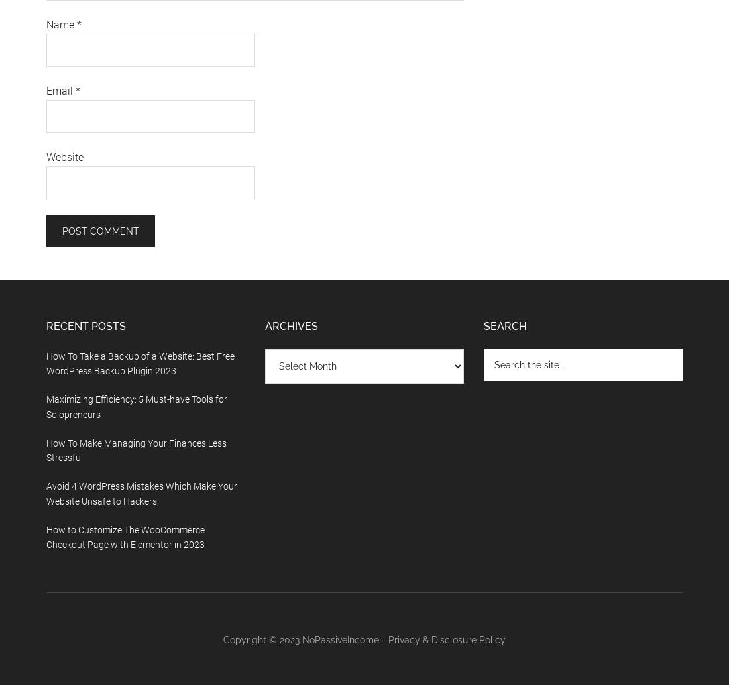 This screenshot has width=729, height=685. Describe the element at coordinates (140, 363) in the screenshot. I see `'How To Take a Backup of a Website: Best  Free WordPress Backup Plugin 2023'` at that location.